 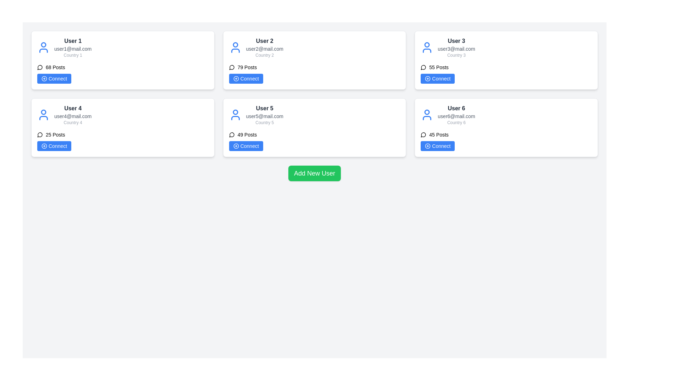 I want to click on the 'User 4' label, which is styled in bold dark gray and is located in the lower-left region of the interface within its user card, so click(x=73, y=108).